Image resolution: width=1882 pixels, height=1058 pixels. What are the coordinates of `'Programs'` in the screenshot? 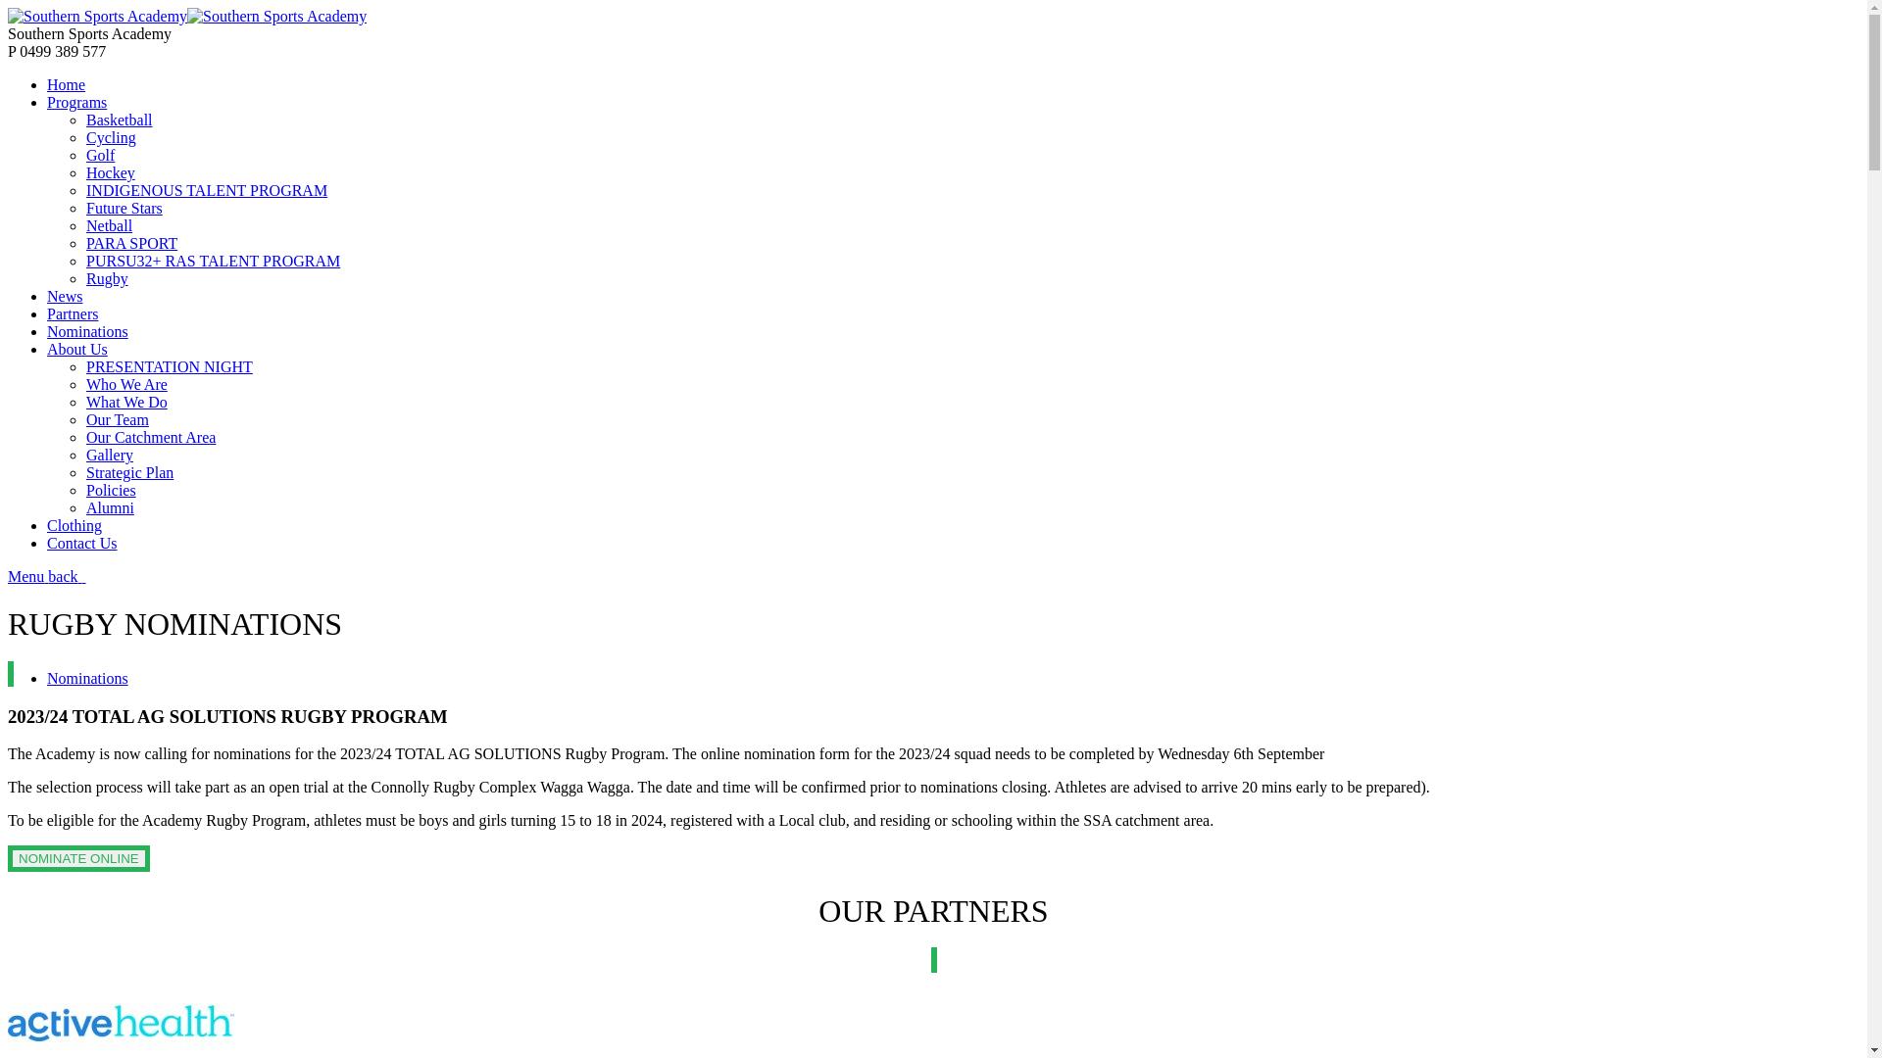 It's located at (47, 102).